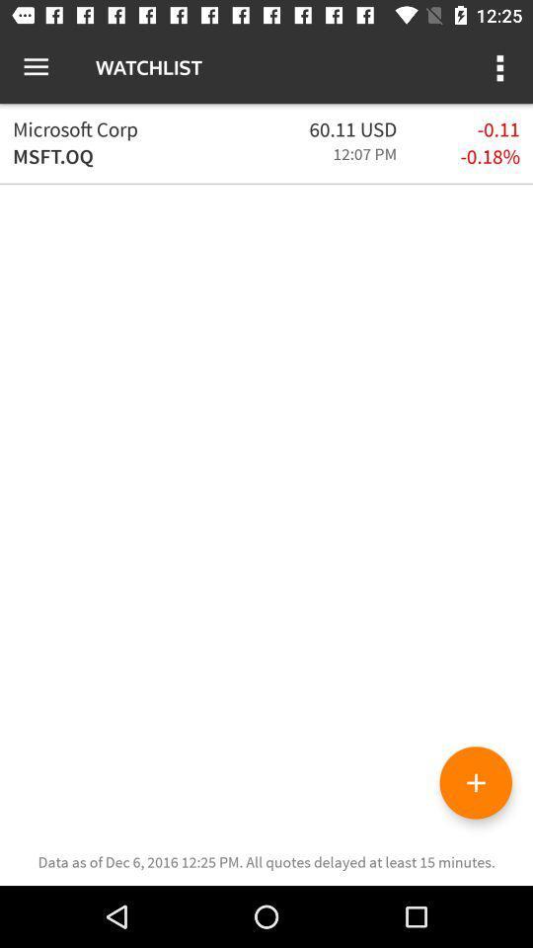  Describe the element at coordinates (475, 782) in the screenshot. I see `item above data as of` at that location.